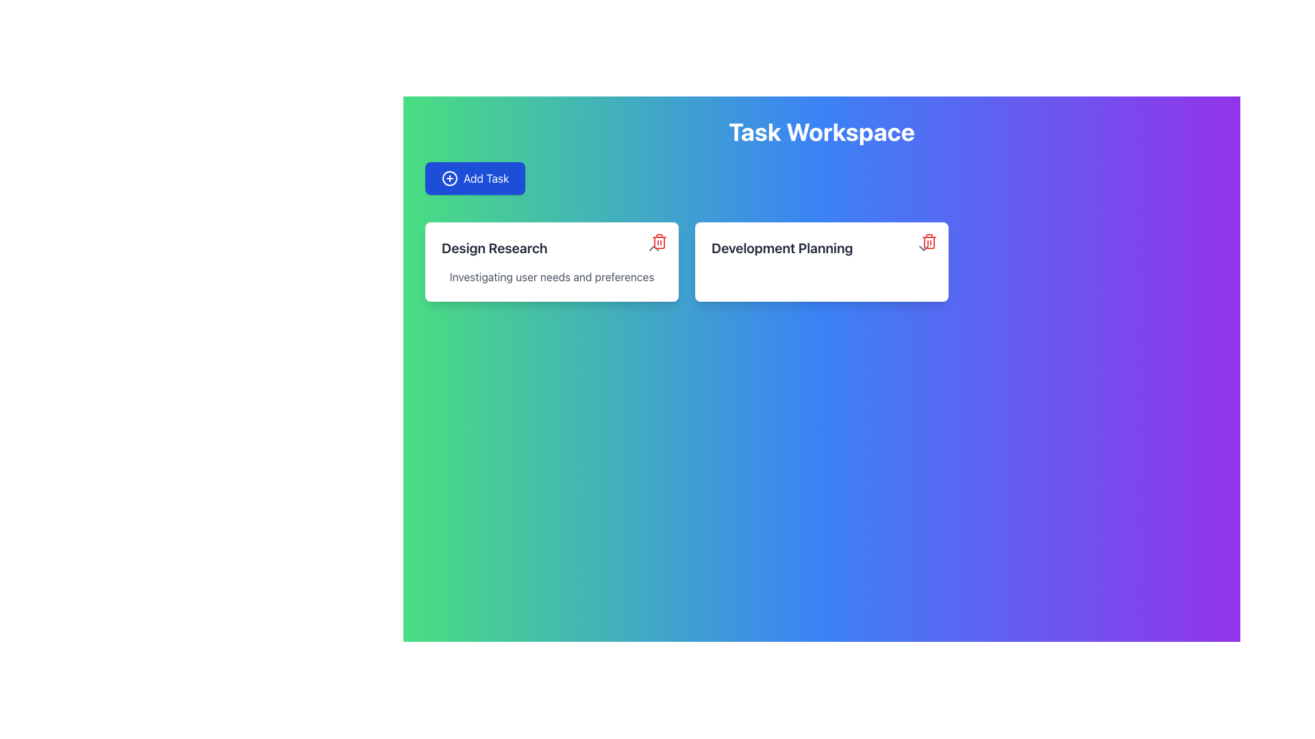 The height and width of the screenshot is (739, 1315). I want to click on the button in the upper right corner of the 'Design Research' card under the 'Task Workspace' section, so click(653, 248).